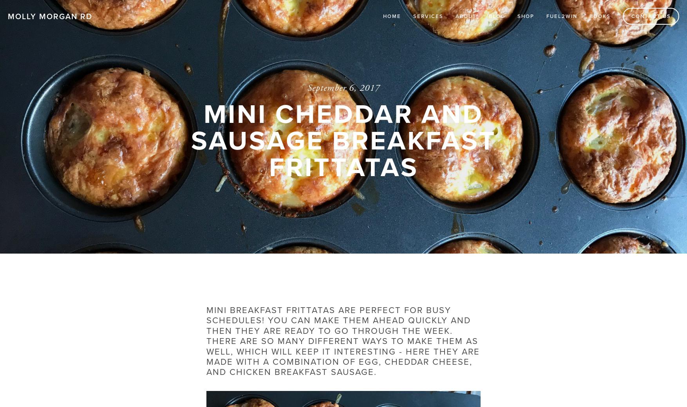 The image size is (687, 407). What do you see at coordinates (342, 340) in the screenshot?
I see `'Mini breakfast frittatas are perfect for busy schedules! You can make them ahead quickly and then they are ready to go through the week. There are so many different ways to make them as well, which will keep it interesting - here they are made with a combination of egg, cheddar cheese, and chicken breakfast sausage.'` at bounding box center [342, 340].